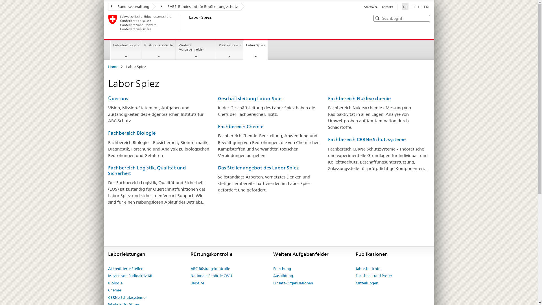 This screenshot has width=542, height=305. I want to click on 'Bundesverwaltung', so click(108, 6).